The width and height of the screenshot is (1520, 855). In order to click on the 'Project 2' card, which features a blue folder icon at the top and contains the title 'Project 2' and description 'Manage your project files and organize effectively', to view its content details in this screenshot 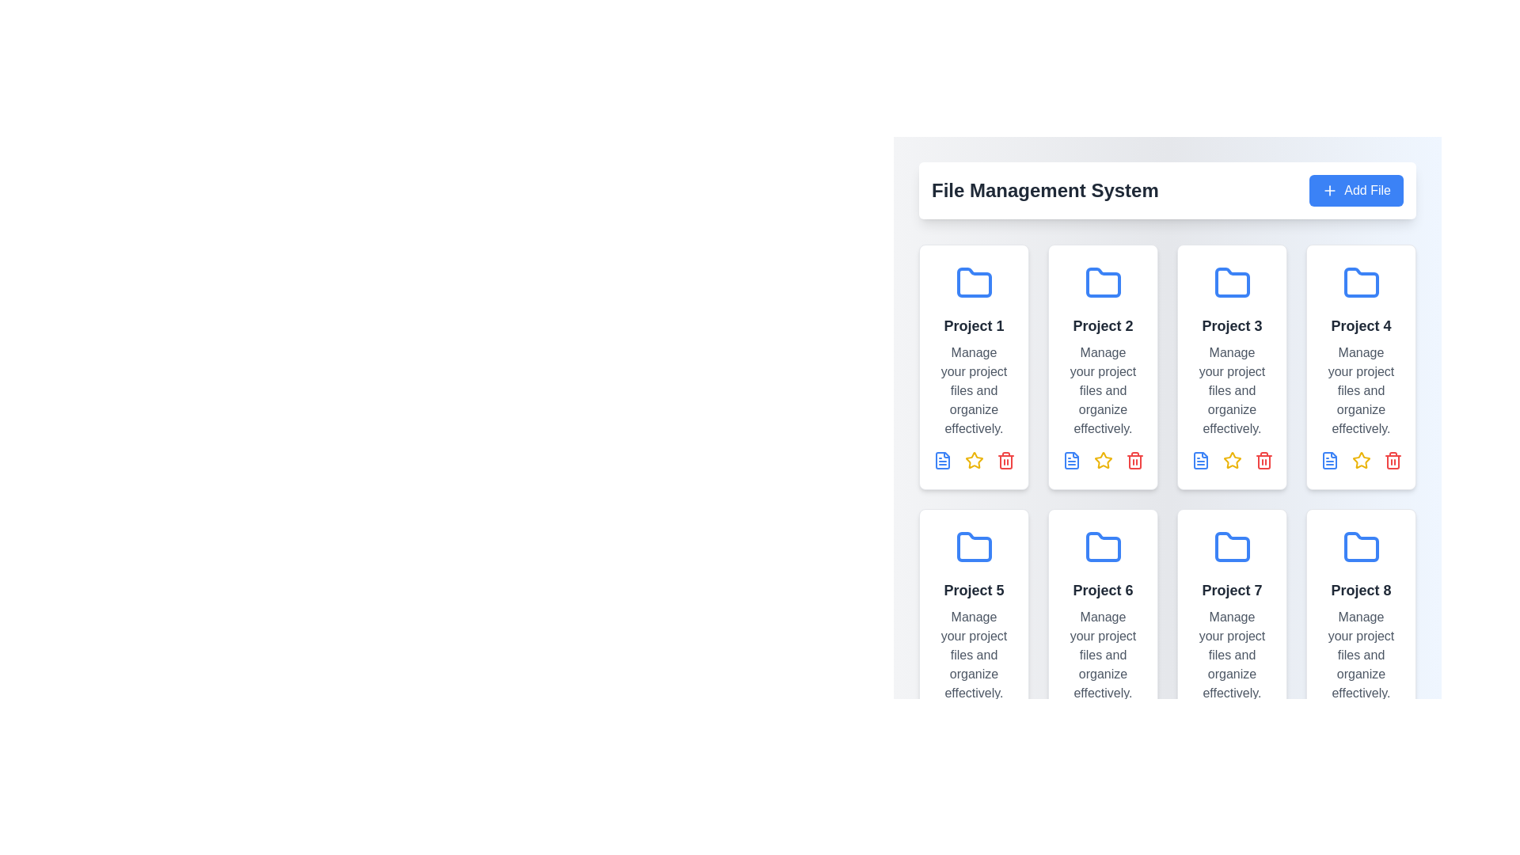, I will do `click(1102, 367)`.